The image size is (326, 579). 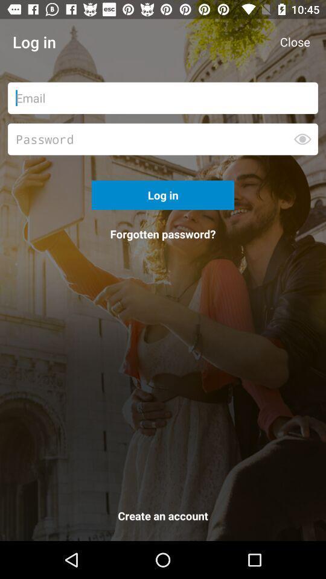 What do you see at coordinates (163, 233) in the screenshot?
I see `forgotten password? icon` at bounding box center [163, 233].